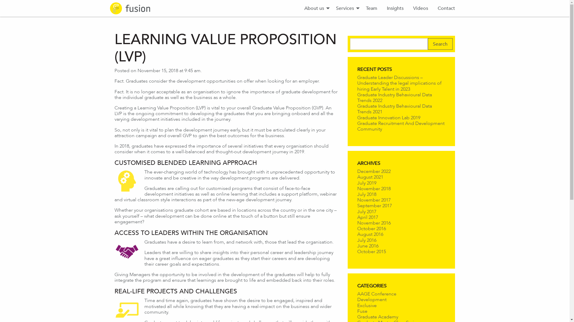 This screenshot has width=574, height=322. Describe the element at coordinates (446, 8) in the screenshot. I see `'Contact'` at that location.